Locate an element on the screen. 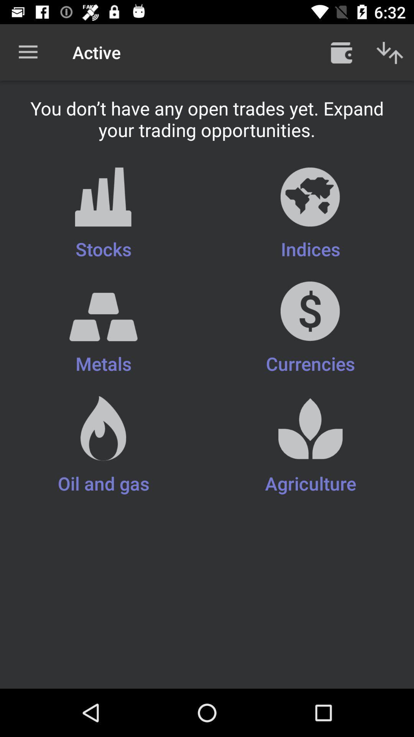 This screenshot has width=414, height=737. icon below the metals is located at coordinates (310, 446).